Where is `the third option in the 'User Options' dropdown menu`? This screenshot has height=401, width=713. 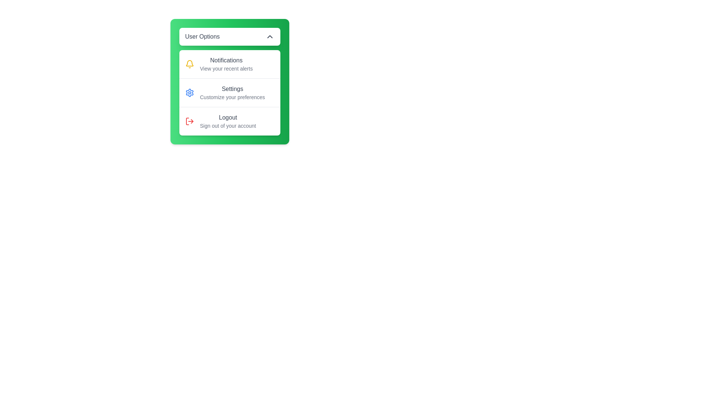 the third option in the 'User Options' dropdown menu is located at coordinates (229, 121).